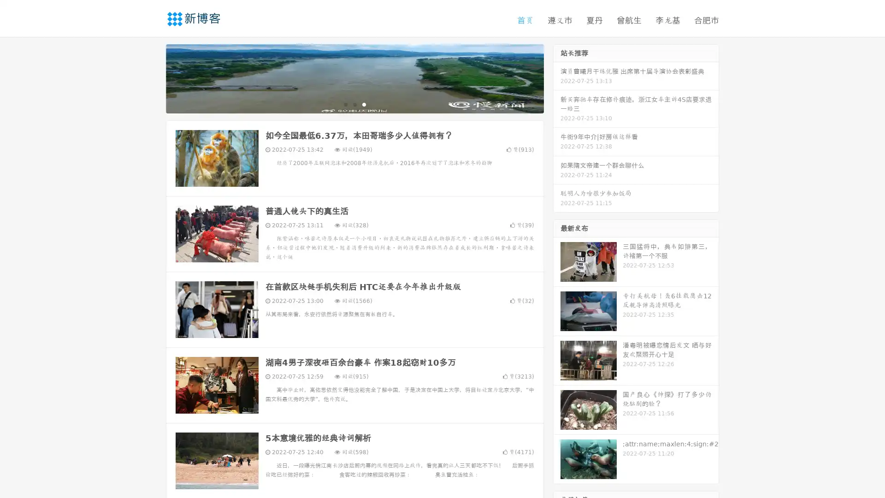 Image resolution: width=885 pixels, height=498 pixels. What do you see at coordinates (364, 104) in the screenshot?
I see `Go to slide 3` at bounding box center [364, 104].